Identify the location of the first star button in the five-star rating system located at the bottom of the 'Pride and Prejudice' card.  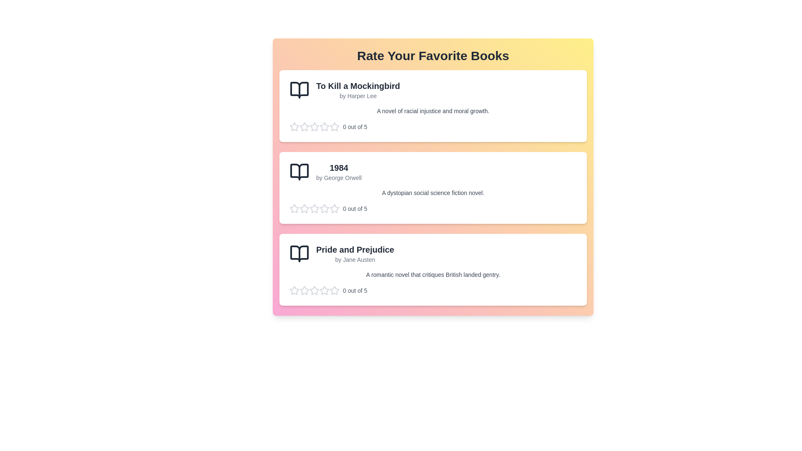
(294, 290).